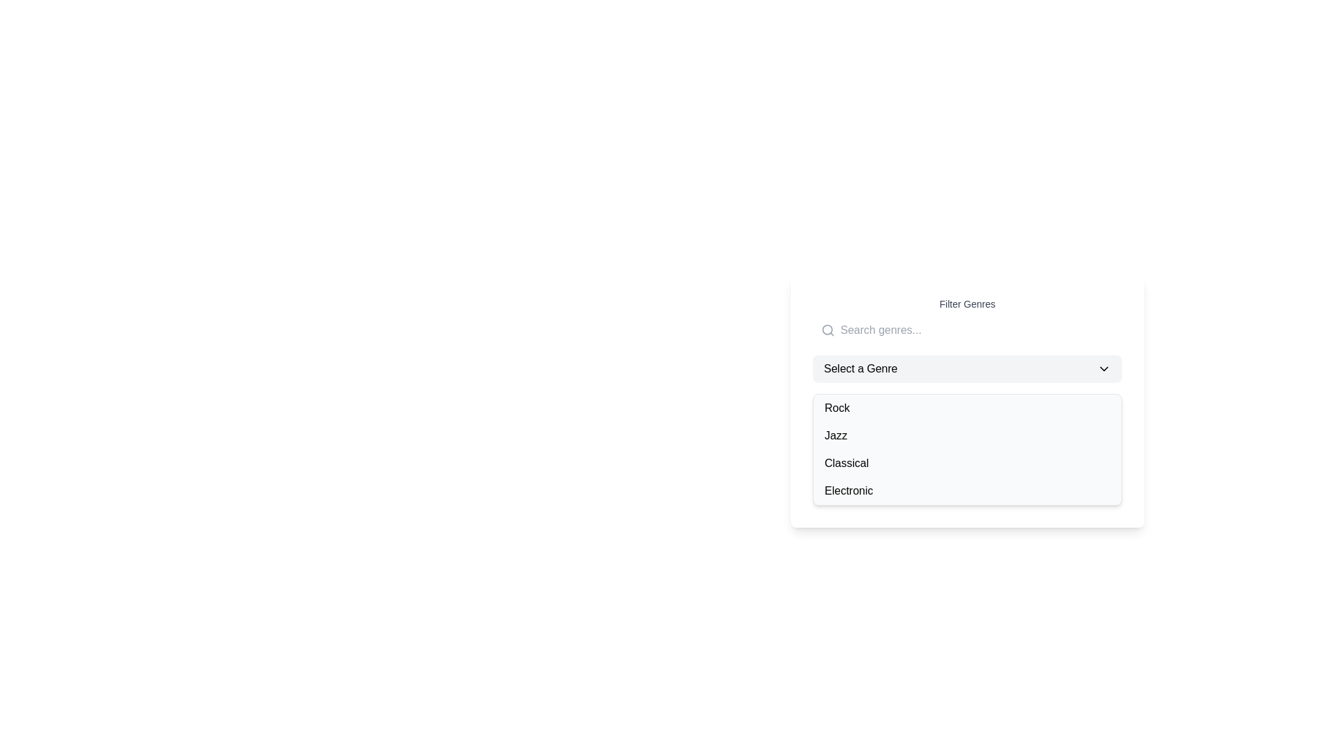 This screenshot has width=1325, height=745. I want to click on the first selectable item in the list that allows users to choose the 'Rock' genre, located directly below the 'Select a Genre' label, so click(836, 407).